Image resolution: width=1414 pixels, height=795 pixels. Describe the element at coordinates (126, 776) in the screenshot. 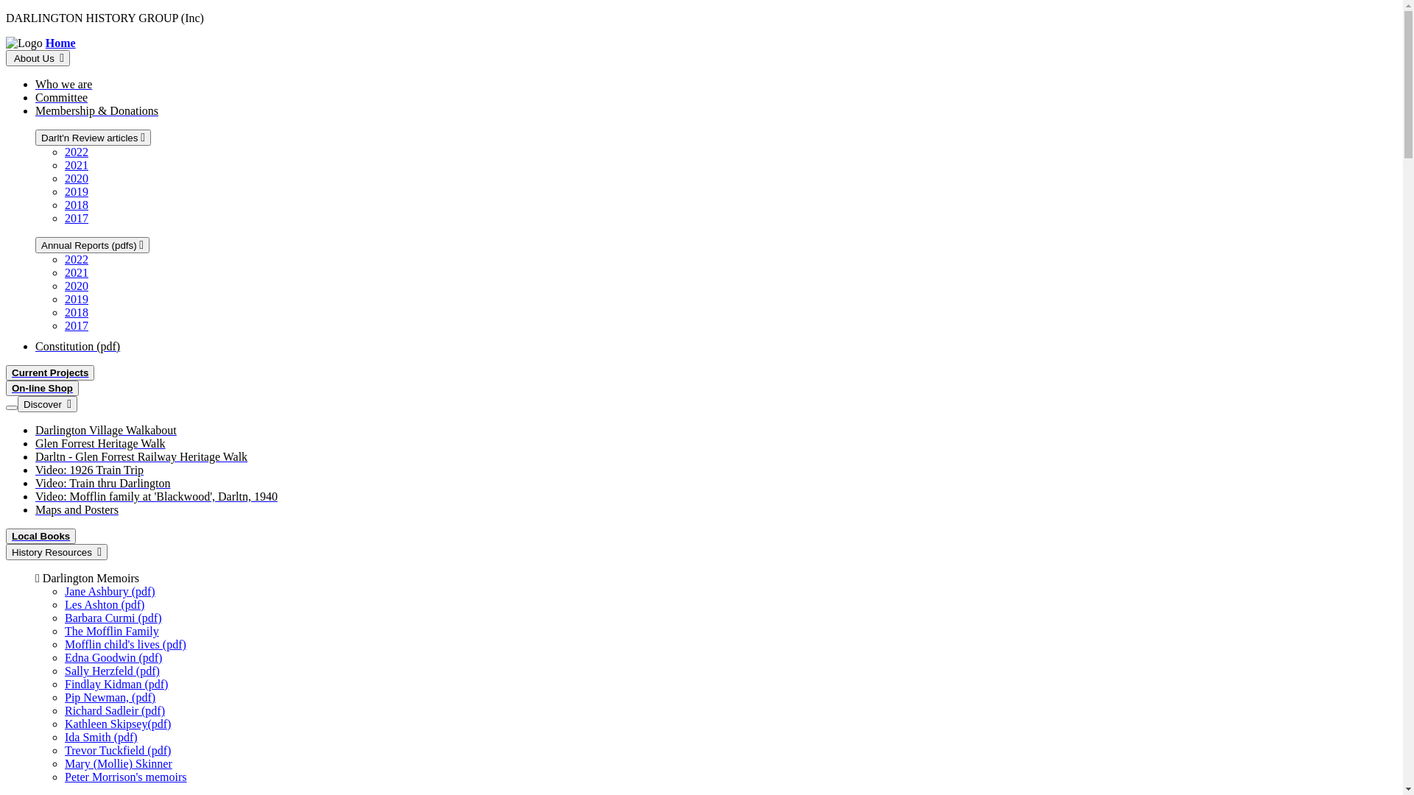

I see `'Peter Morrison's memoirs'` at that location.